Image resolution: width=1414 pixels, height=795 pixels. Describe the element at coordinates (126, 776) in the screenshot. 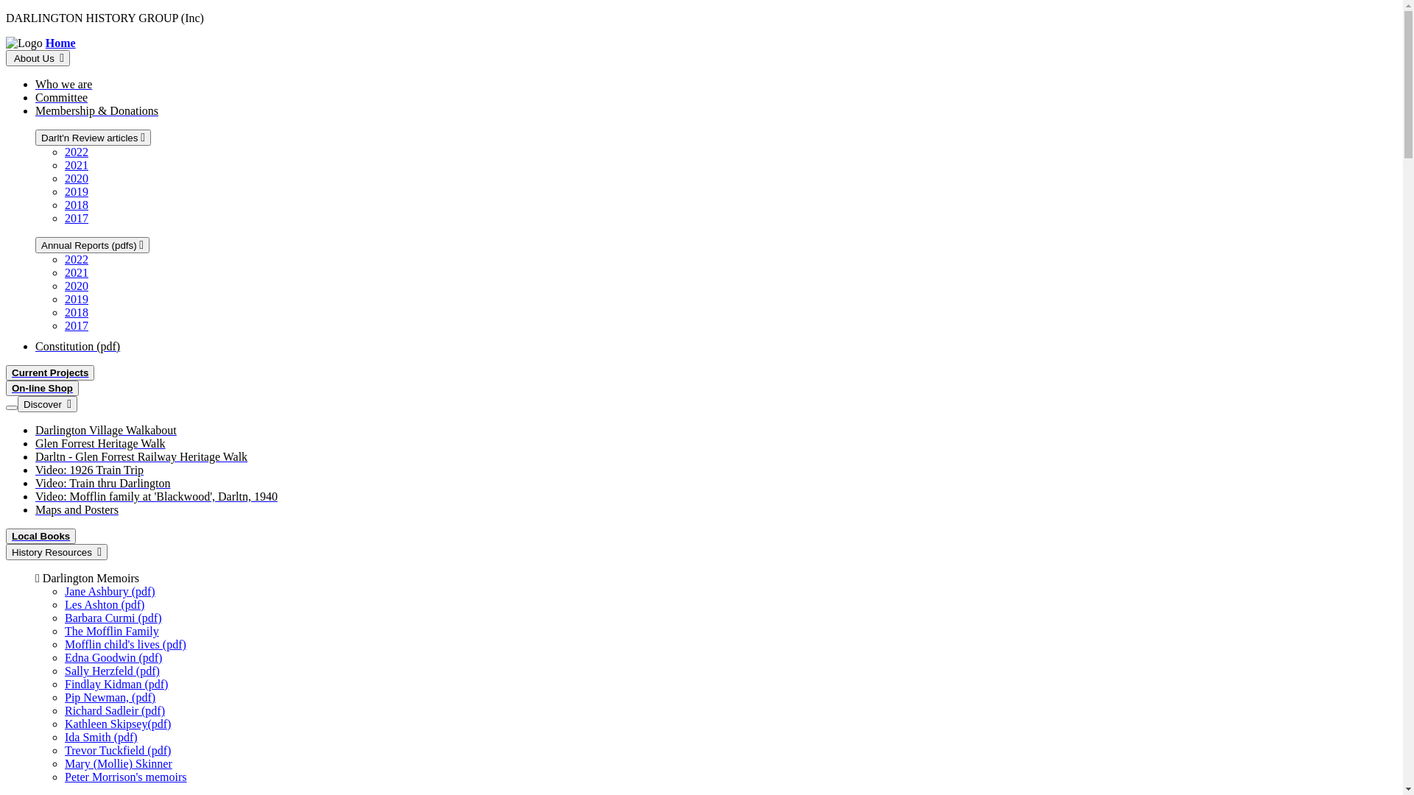

I see `'Peter Morrison's memoirs'` at that location.